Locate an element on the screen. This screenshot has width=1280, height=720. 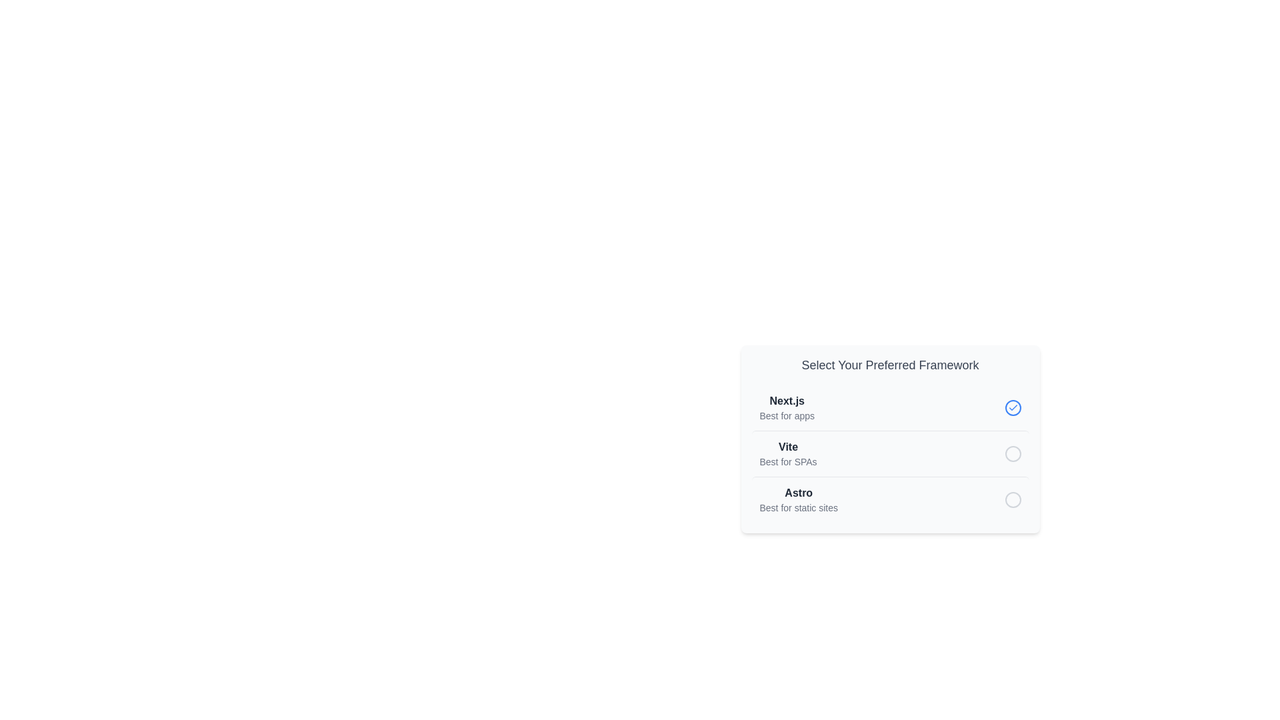
the text label representing the Next.js framework option in the selection list is located at coordinates (787, 400).